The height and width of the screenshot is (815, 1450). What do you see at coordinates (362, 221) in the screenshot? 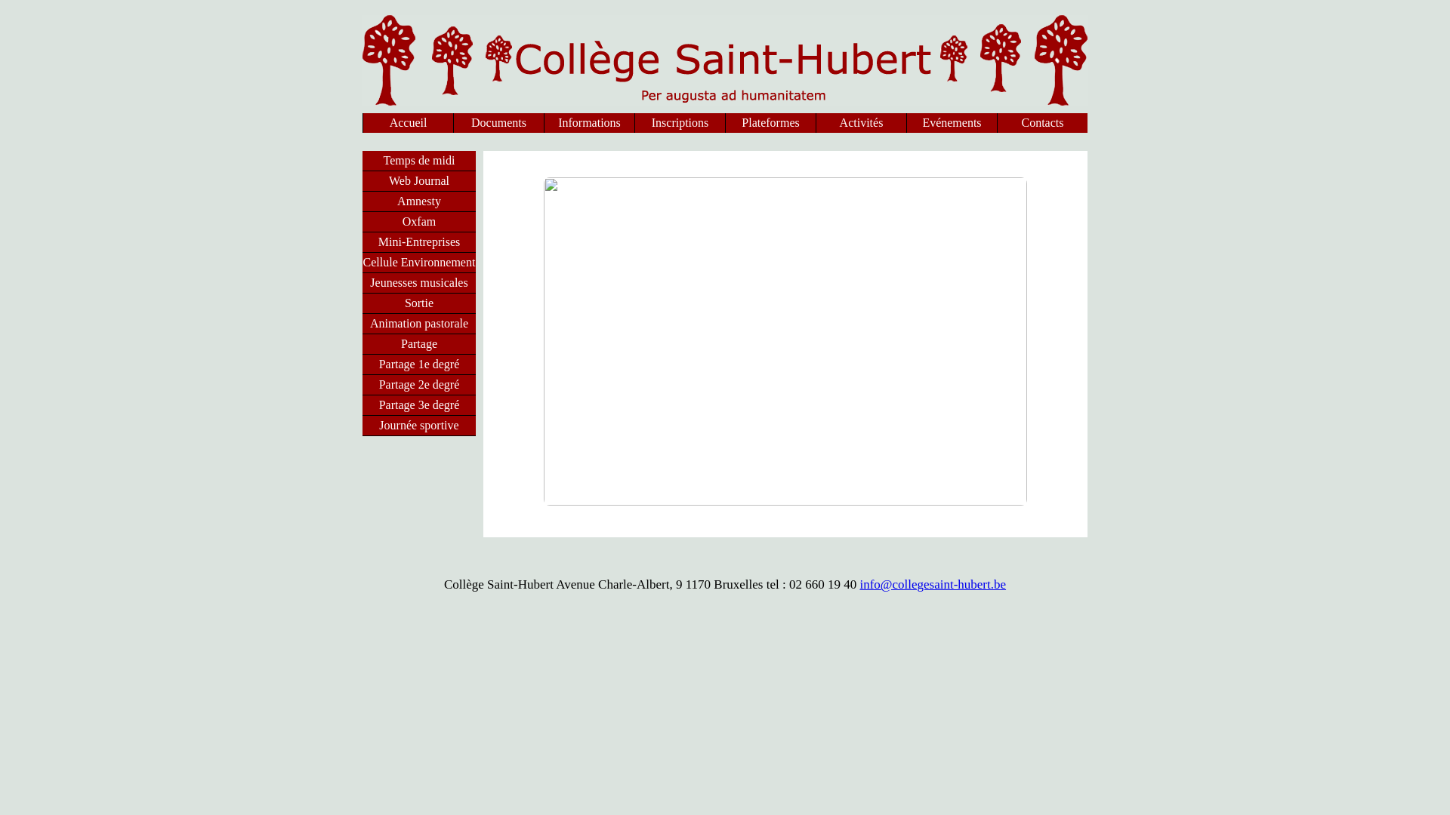
I see `'Oxfam'` at bounding box center [362, 221].